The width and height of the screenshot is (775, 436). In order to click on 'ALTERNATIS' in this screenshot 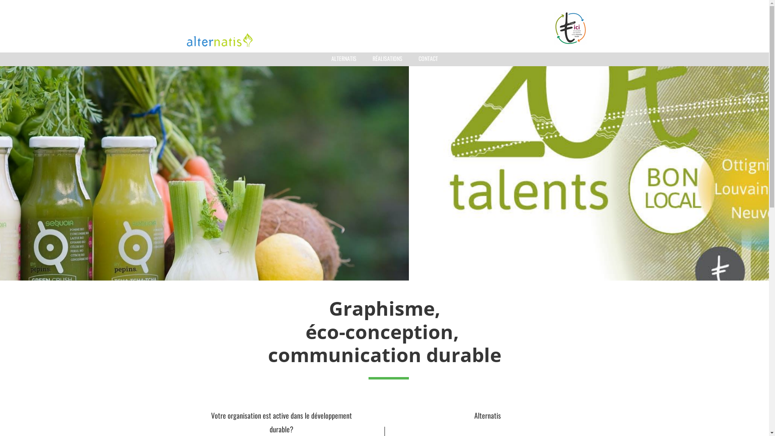, I will do `click(343, 58)`.